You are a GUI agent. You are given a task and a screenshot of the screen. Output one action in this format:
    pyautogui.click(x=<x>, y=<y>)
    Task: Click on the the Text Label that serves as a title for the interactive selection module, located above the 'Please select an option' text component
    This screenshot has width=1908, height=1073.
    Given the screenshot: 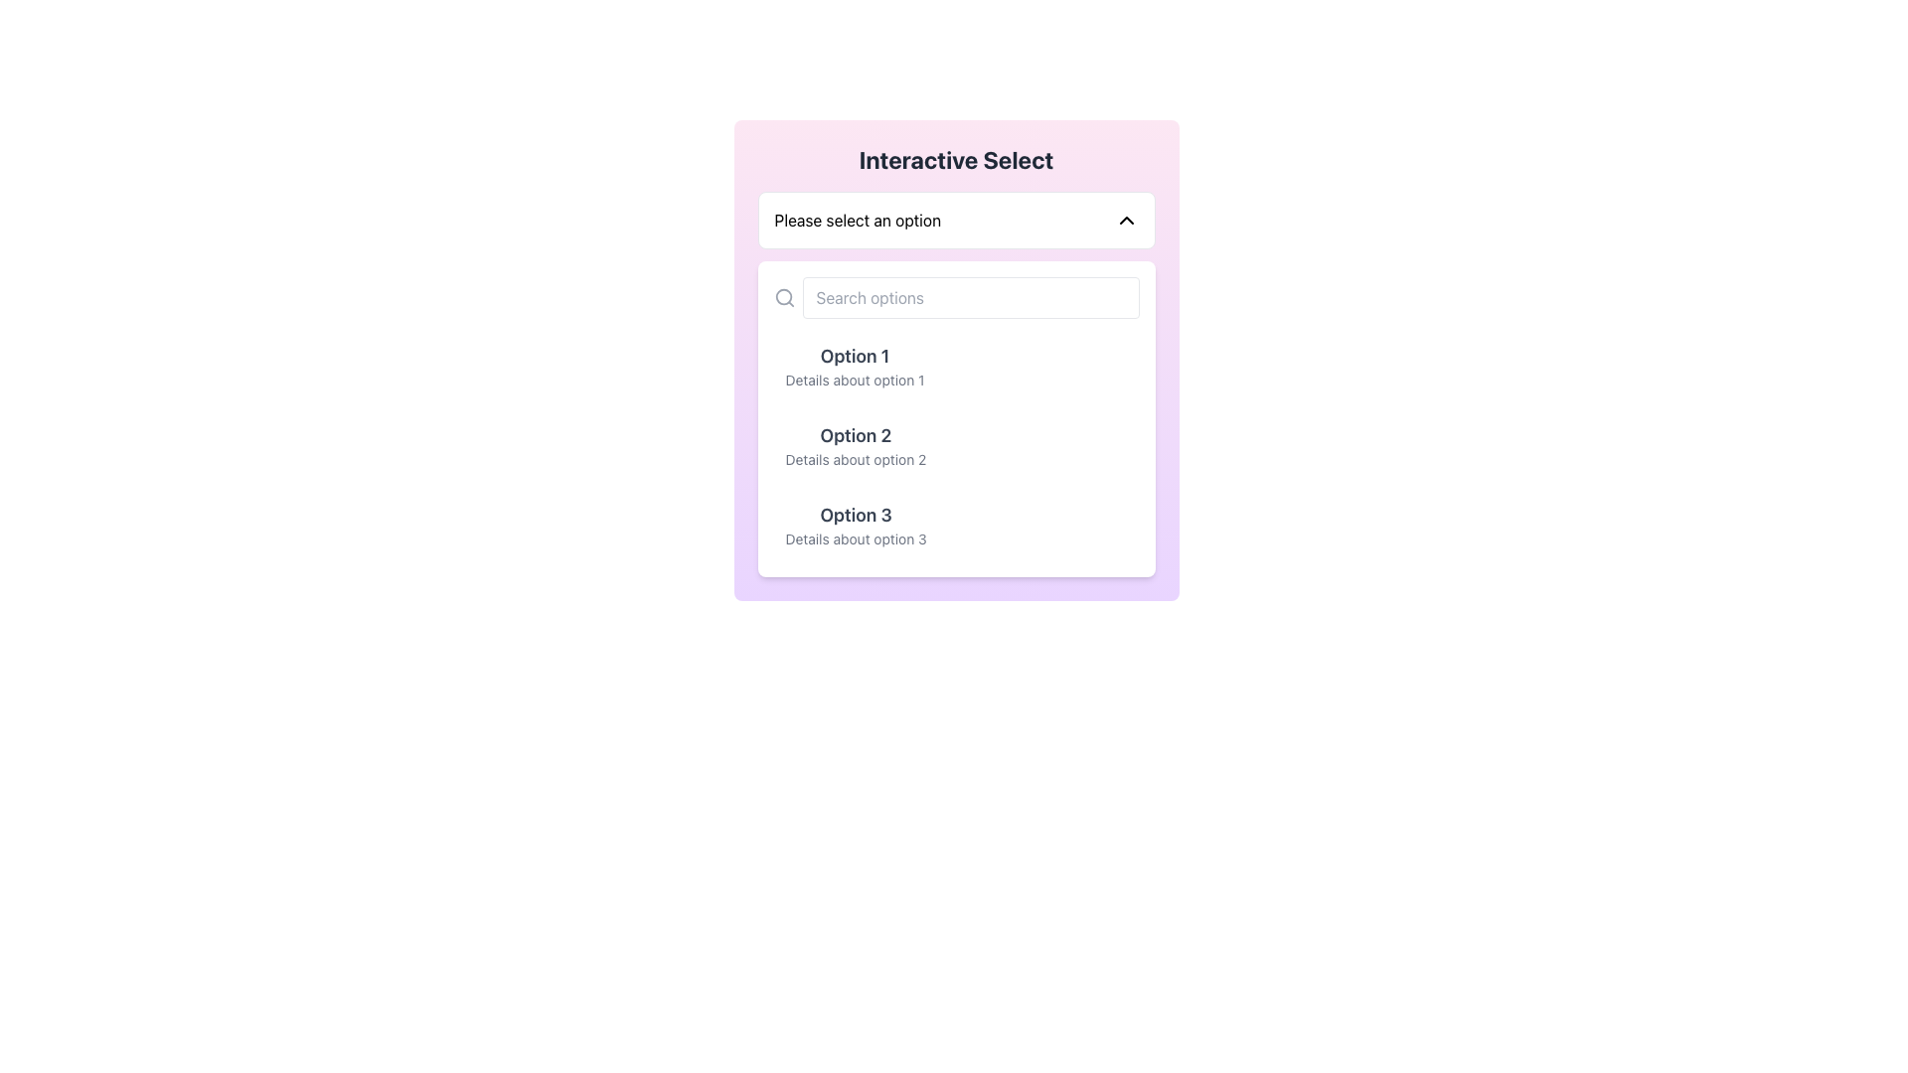 What is the action you would take?
    pyautogui.click(x=956, y=159)
    